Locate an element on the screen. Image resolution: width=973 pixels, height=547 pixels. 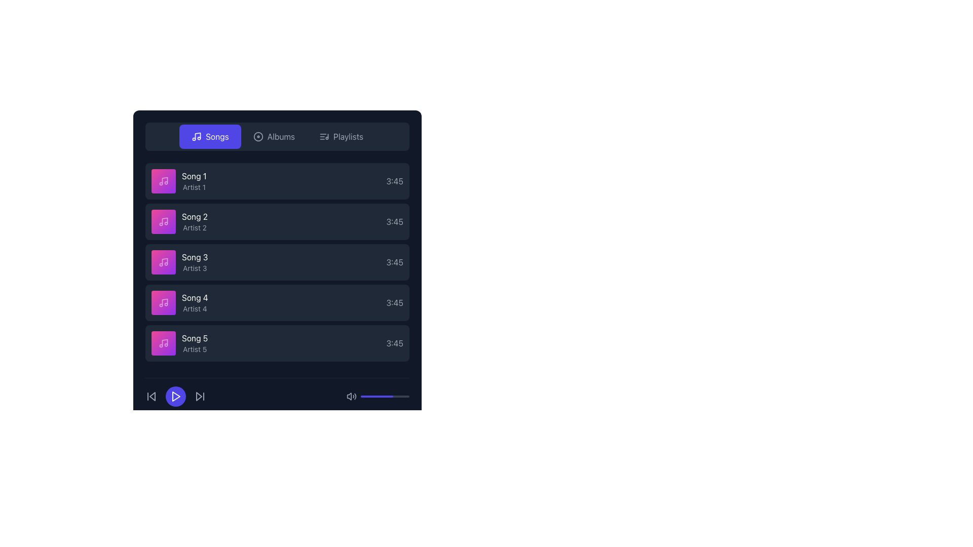
the small musical note icon located in the upper-center region of the purple square icon for the third item in the list, which is above the text 'Song 3' is located at coordinates (165, 261).